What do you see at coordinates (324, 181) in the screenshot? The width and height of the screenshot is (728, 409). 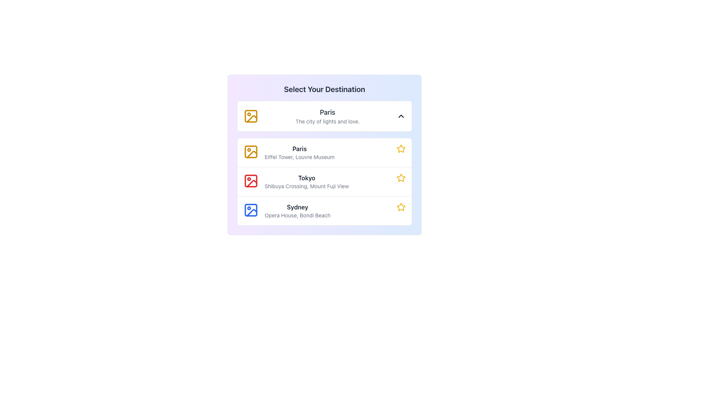 I see `the List Item Card for 'Tokyo', which is the second destination option` at bounding box center [324, 181].